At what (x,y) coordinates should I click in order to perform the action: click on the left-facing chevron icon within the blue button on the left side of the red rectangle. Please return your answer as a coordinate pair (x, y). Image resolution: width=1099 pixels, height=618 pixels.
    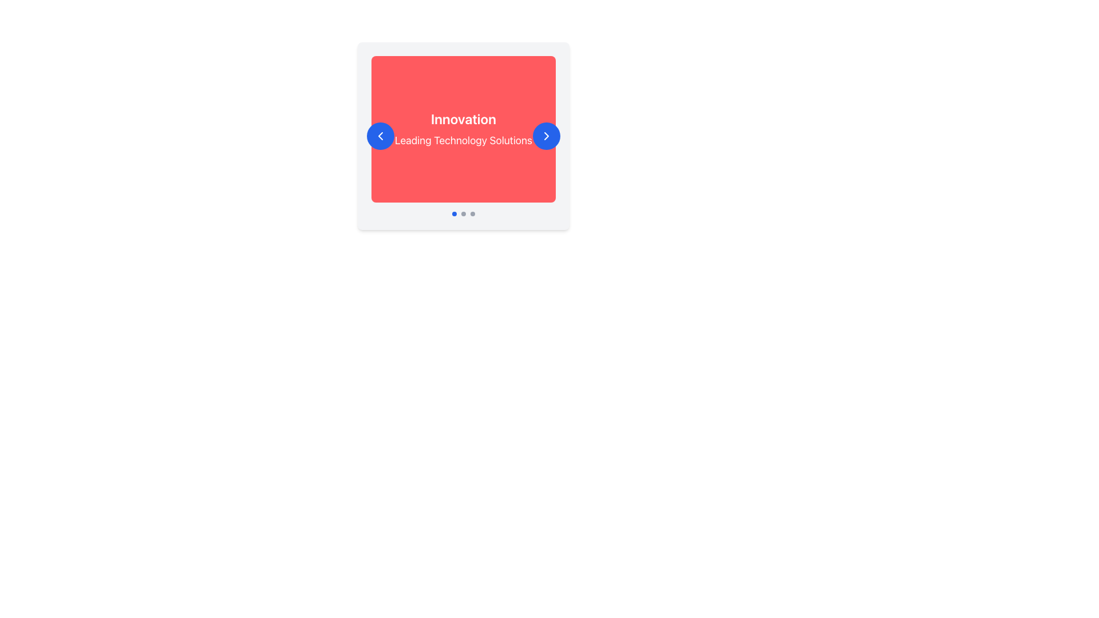
    Looking at the image, I should click on (381, 136).